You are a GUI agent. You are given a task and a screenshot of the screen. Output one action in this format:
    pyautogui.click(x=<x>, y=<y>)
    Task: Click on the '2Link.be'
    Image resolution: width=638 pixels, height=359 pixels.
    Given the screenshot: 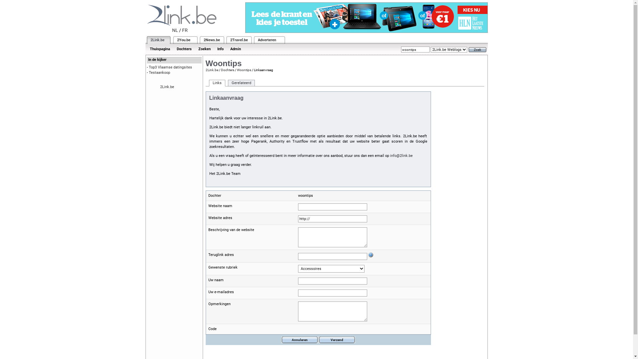 What is the action you would take?
    pyautogui.click(x=167, y=86)
    